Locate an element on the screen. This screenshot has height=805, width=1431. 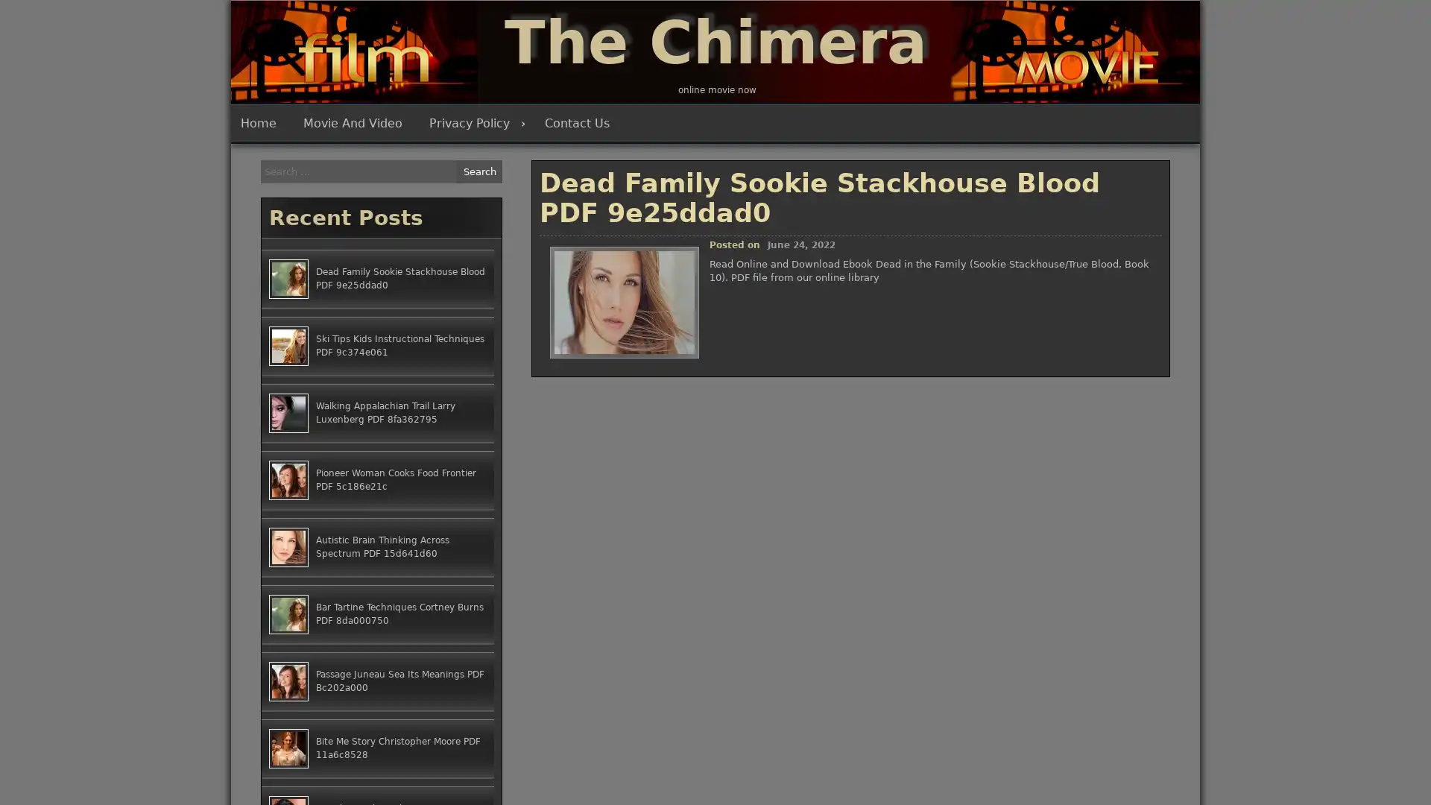
Search is located at coordinates (479, 171).